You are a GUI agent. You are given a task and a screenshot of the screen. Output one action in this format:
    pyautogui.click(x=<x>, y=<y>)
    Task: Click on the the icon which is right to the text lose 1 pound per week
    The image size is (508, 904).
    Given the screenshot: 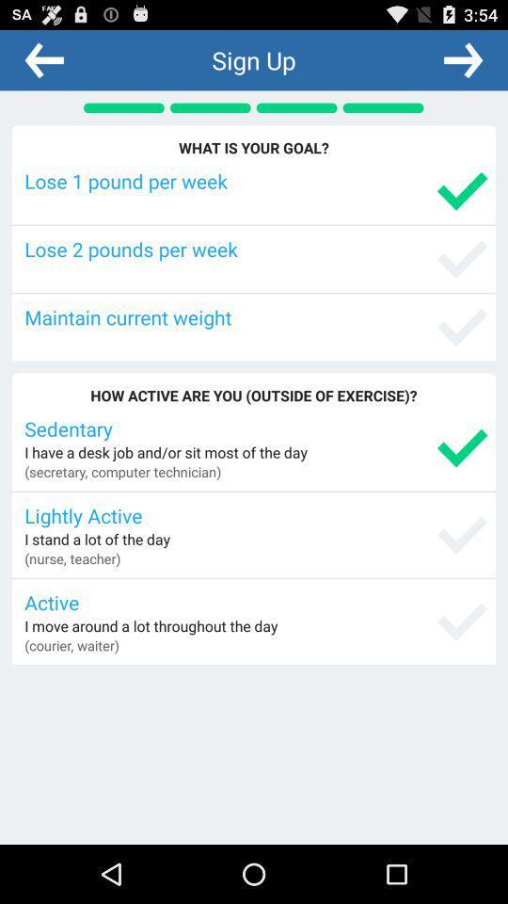 What is the action you would take?
    pyautogui.click(x=461, y=190)
    